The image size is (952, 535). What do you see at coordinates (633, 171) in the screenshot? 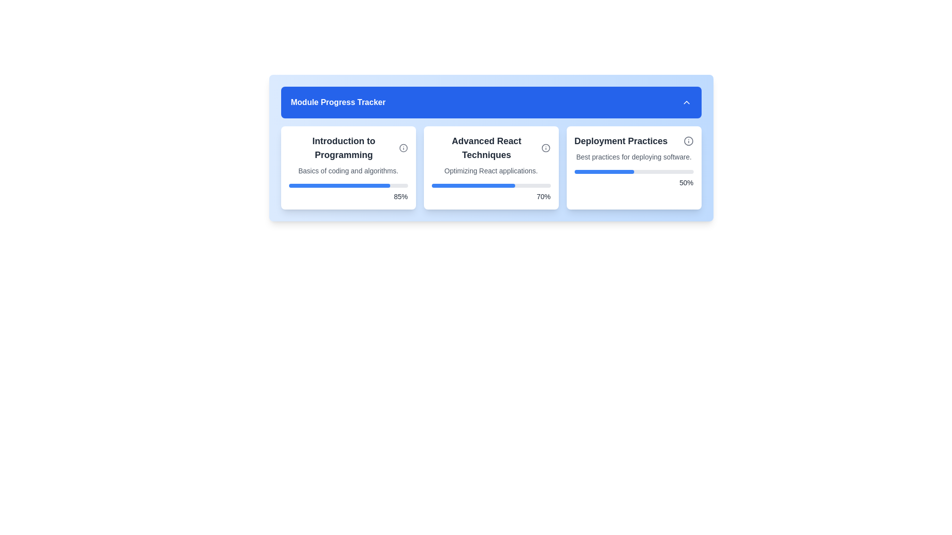
I see `the progress bar that indicates 50% completion for 'Deployment Practices', located below the text 'Best practices for deploying software'` at bounding box center [633, 171].